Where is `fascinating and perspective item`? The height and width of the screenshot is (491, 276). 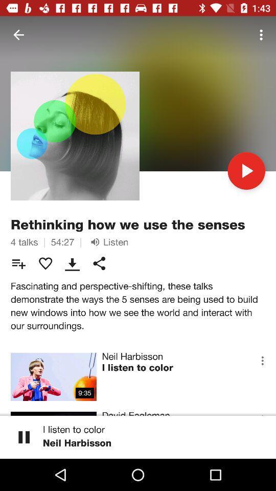
fascinating and perspective item is located at coordinates (138, 305).